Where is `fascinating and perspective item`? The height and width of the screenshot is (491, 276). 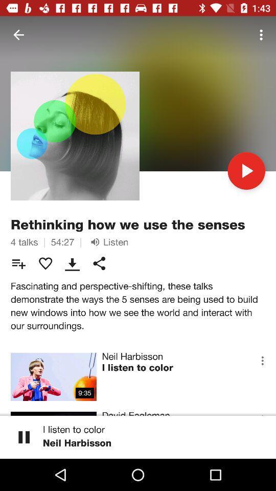
fascinating and perspective item is located at coordinates (138, 305).